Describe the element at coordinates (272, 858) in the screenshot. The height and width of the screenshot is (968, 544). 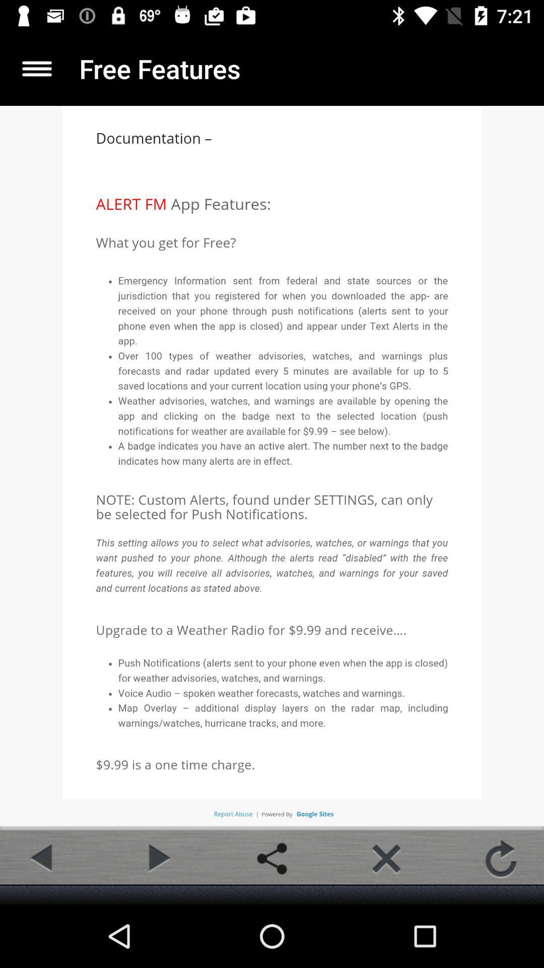
I see `setting button` at that location.